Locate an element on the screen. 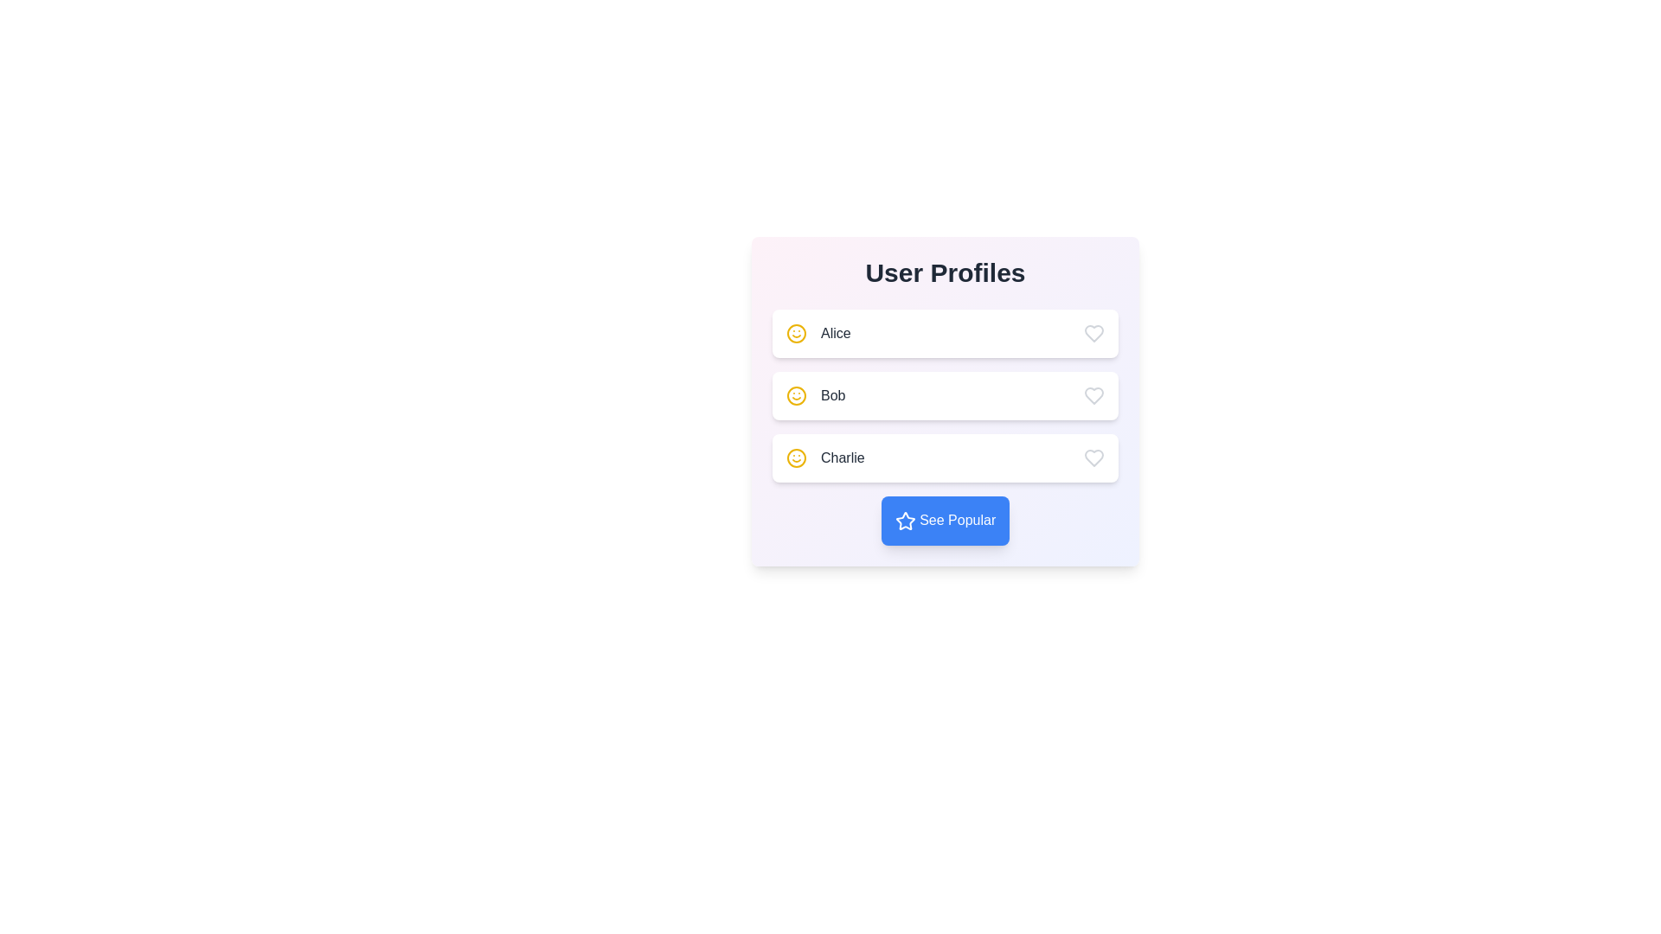  the rectangular button with a blue background and white text reading 'See Popular' is located at coordinates (945, 520).